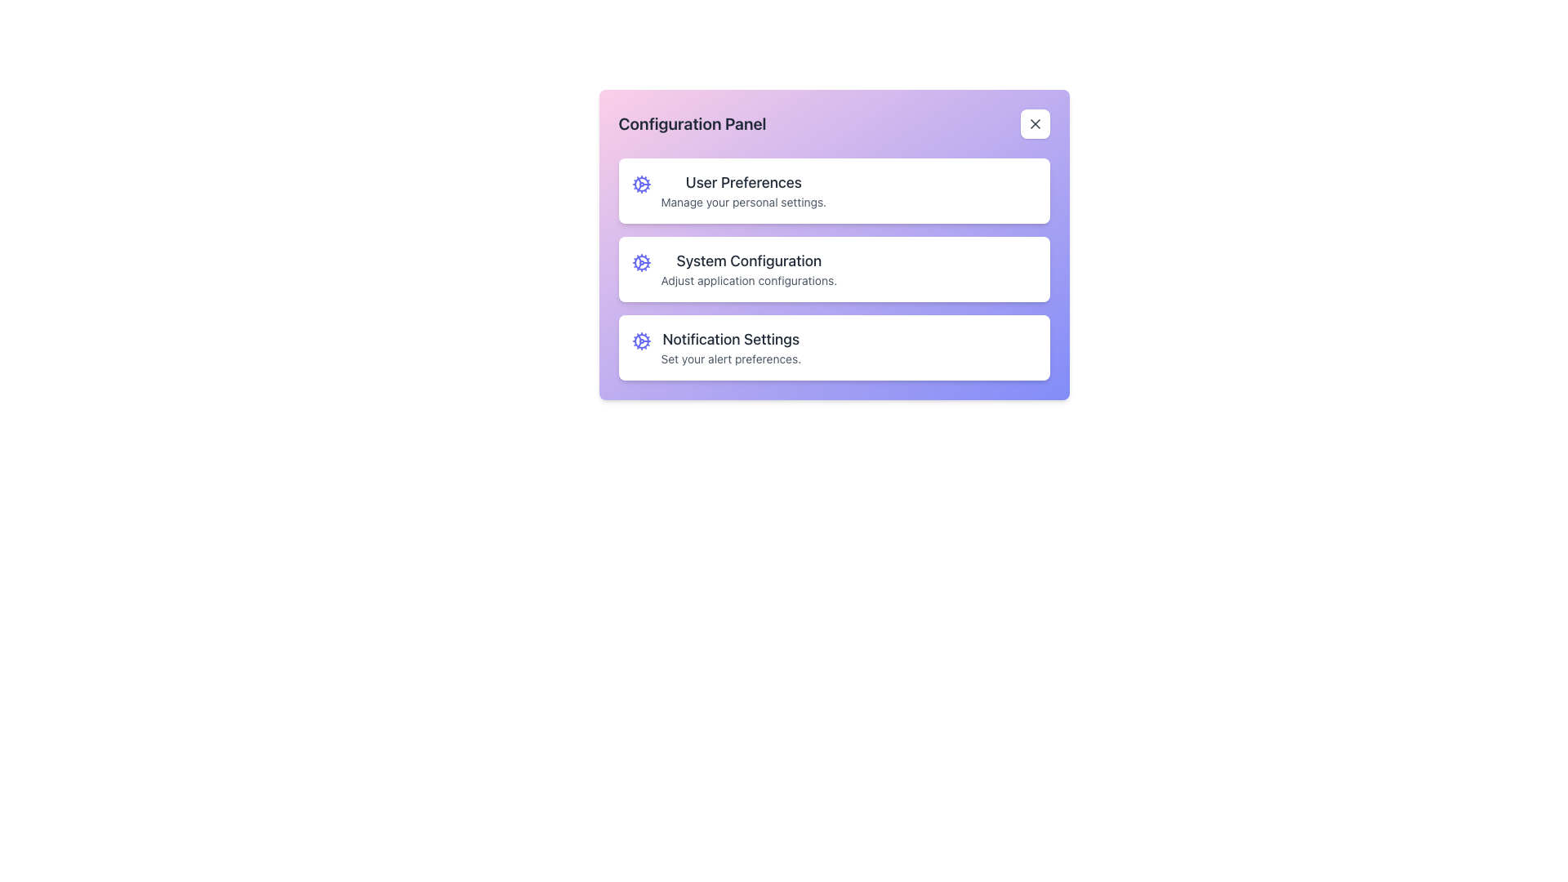 The width and height of the screenshot is (1568, 882). I want to click on the cogwheel icon representing the 'Notification Settings' section, which is the innermost circle of the cogwheel in the 'Configuration Panel' card interface, so click(640, 340).